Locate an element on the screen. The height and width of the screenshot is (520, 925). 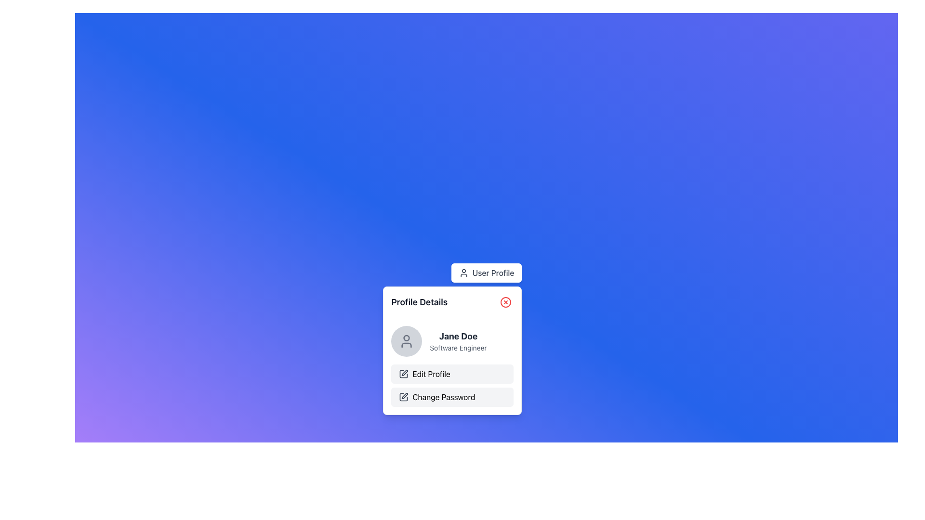
the 'Edit Profile' button, which is the first option in a list of buttons in the profile interface is located at coordinates (452, 373).